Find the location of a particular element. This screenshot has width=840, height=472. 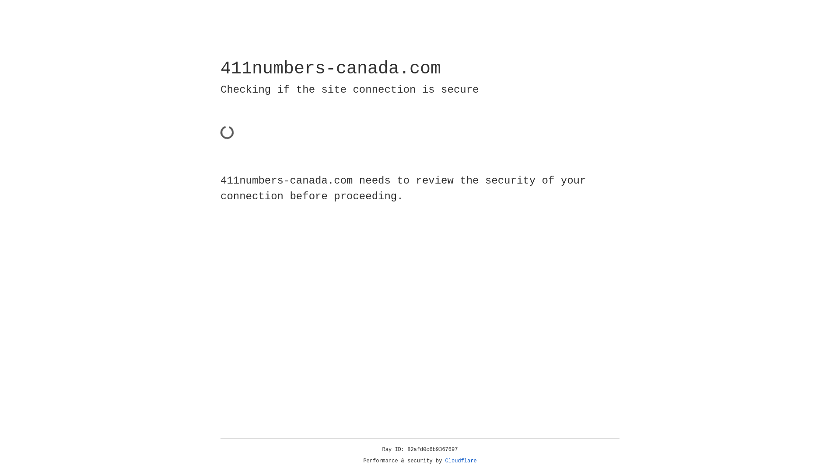

'Cloudflare' is located at coordinates (461, 461).